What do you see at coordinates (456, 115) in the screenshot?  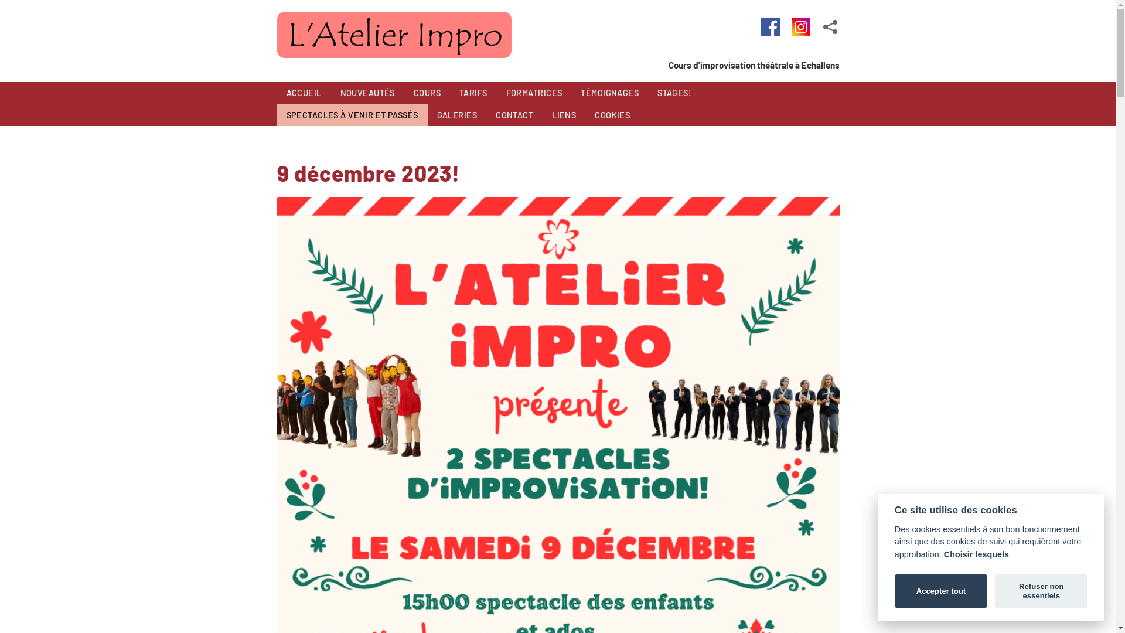 I see `'GALERIES'` at bounding box center [456, 115].